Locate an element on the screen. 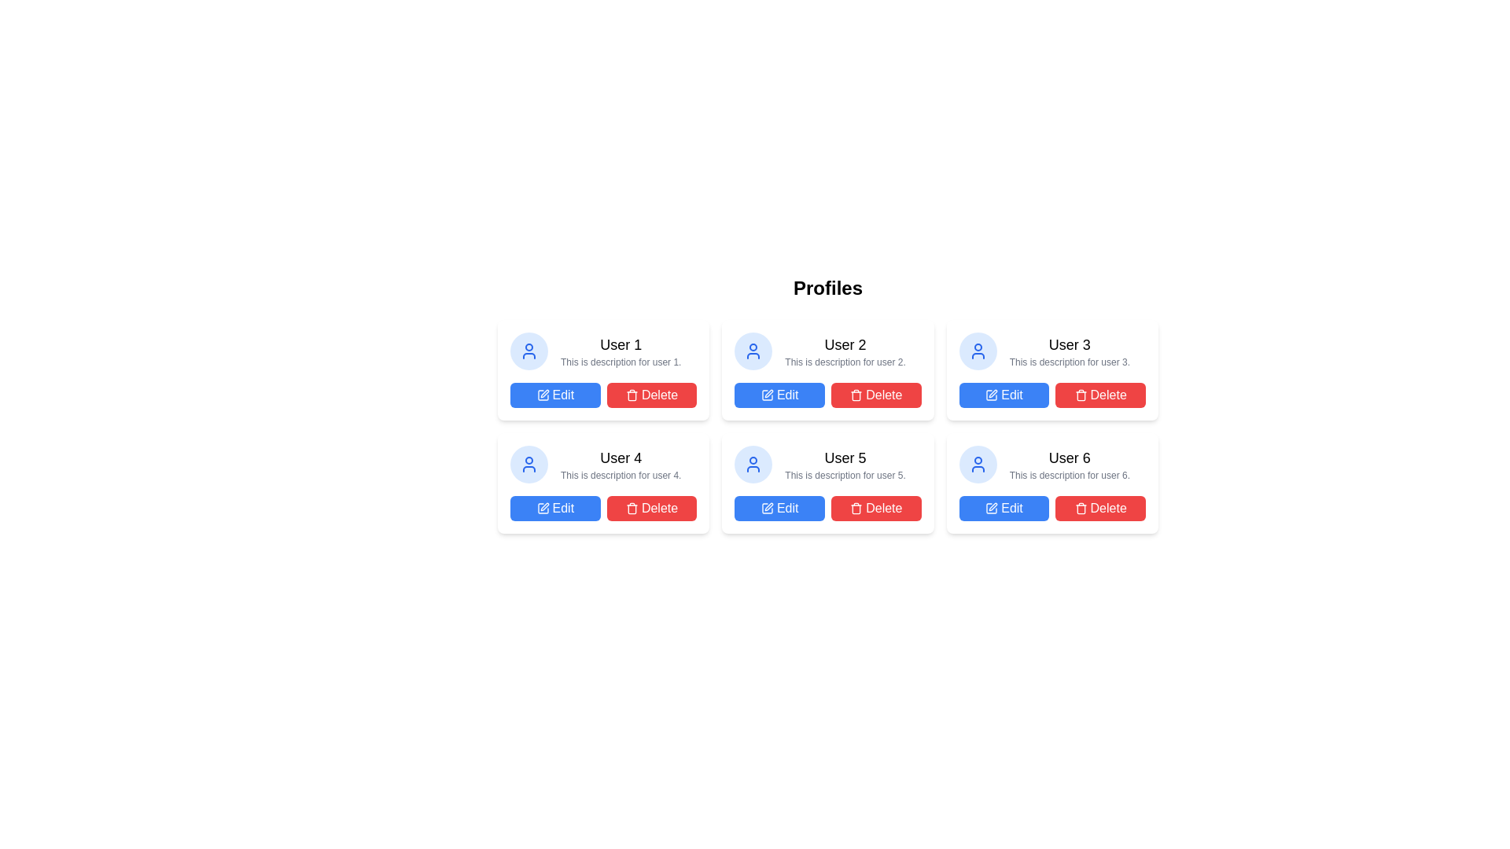 This screenshot has height=849, width=1510. text displayed in the text display component for User 3, which is located in the second row of cards, third from the left is located at coordinates (1070, 351).